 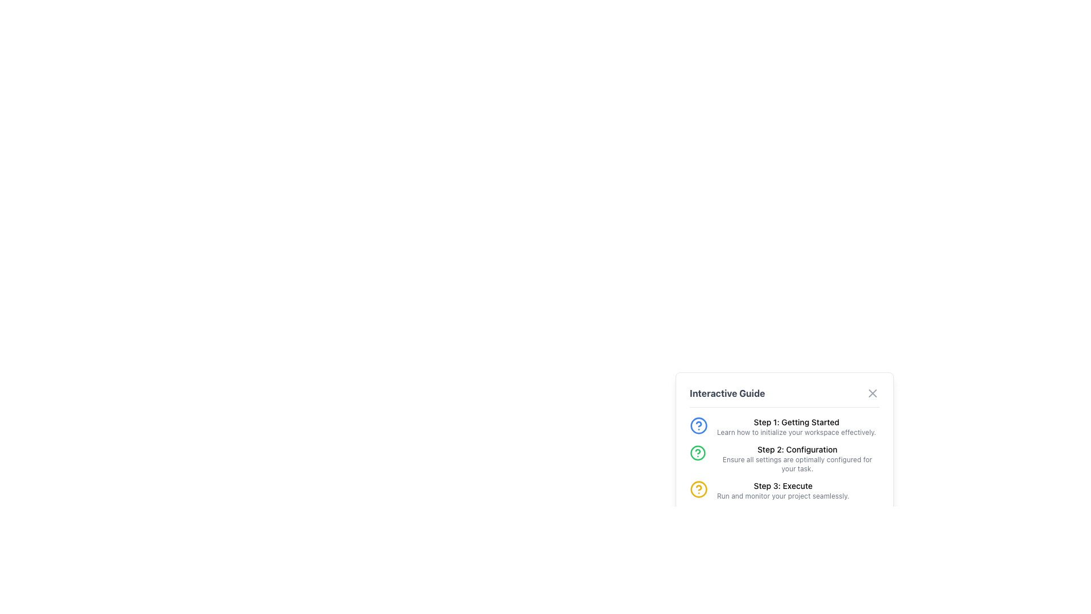 What do you see at coordinates (784, 490) in the screenshot?
I see `the Instruction block labeled 'Step 3: Execute' which includes a yellow circular icon with a question mark and descriptive text about running and monitoring the project` at bounding box center [784, 490].